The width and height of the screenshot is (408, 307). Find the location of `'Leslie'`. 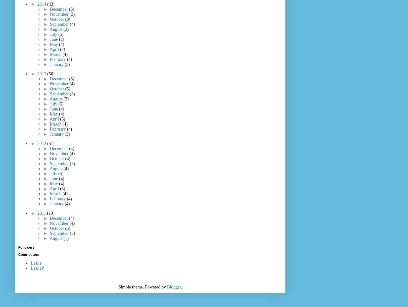

'Leslie' is located at coordinates (30, 263).